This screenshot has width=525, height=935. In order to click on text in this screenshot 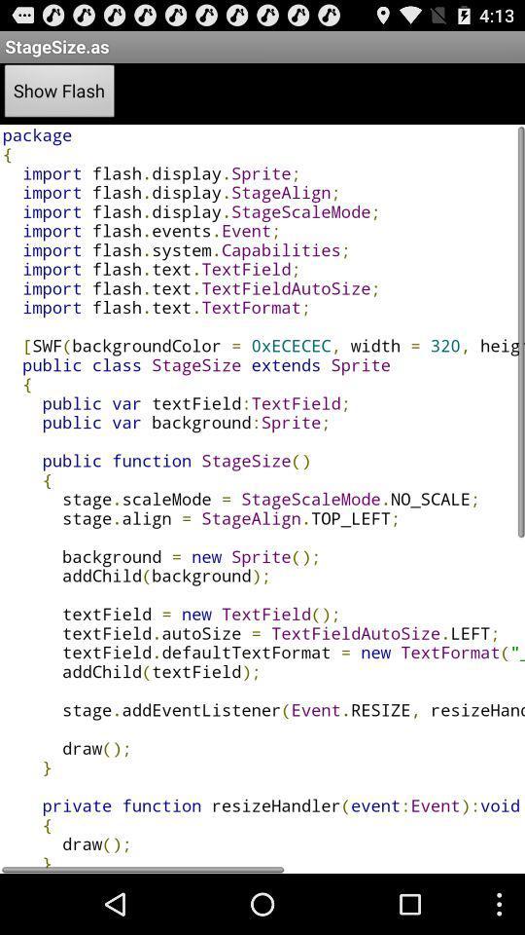, I will do `click(262, 498)`.